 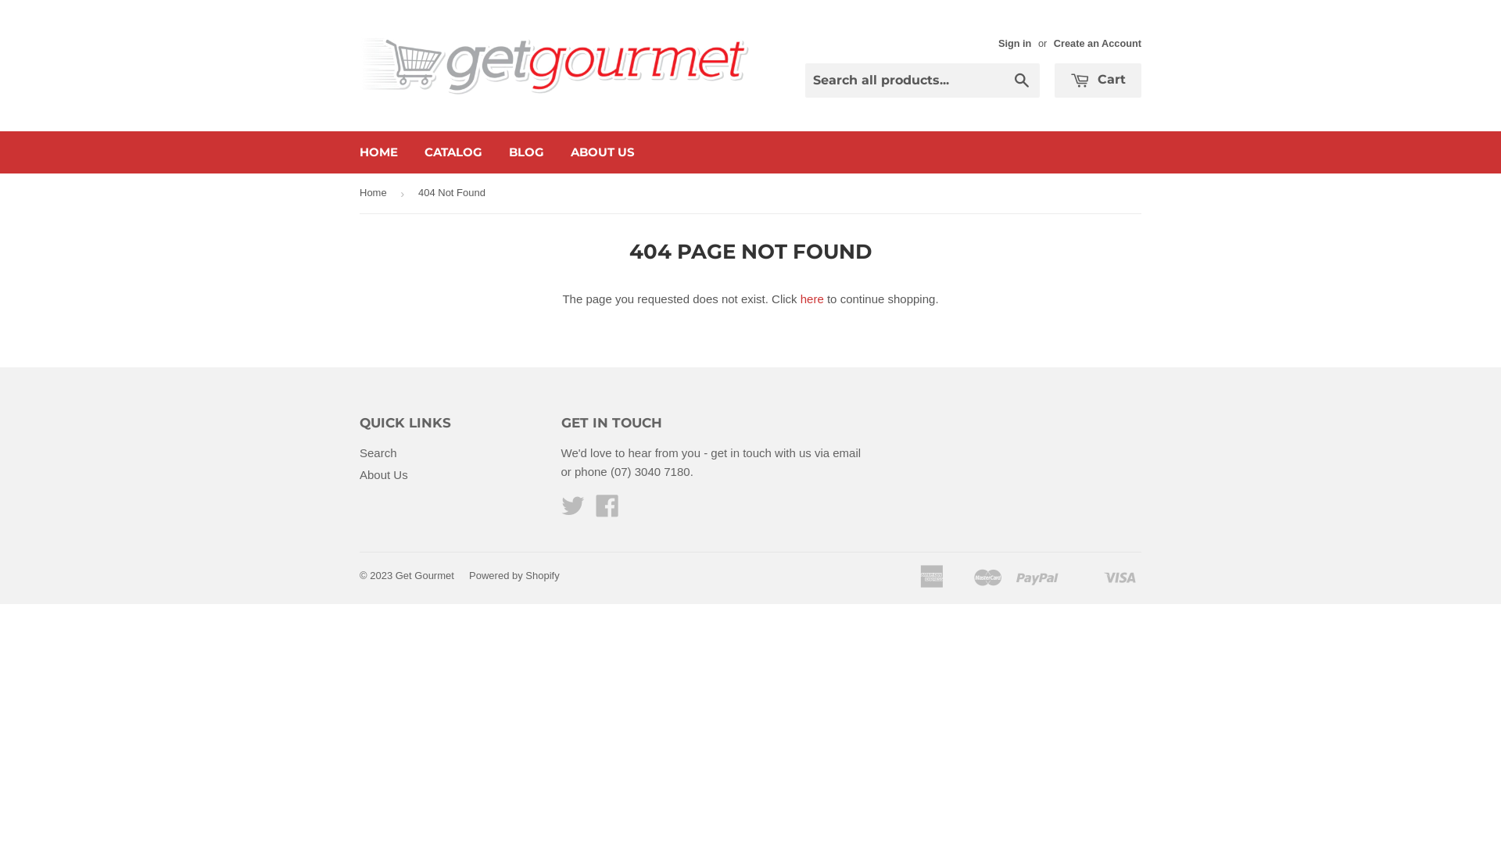 I want to click on 'CATALOG', so click(x=453, y=152).